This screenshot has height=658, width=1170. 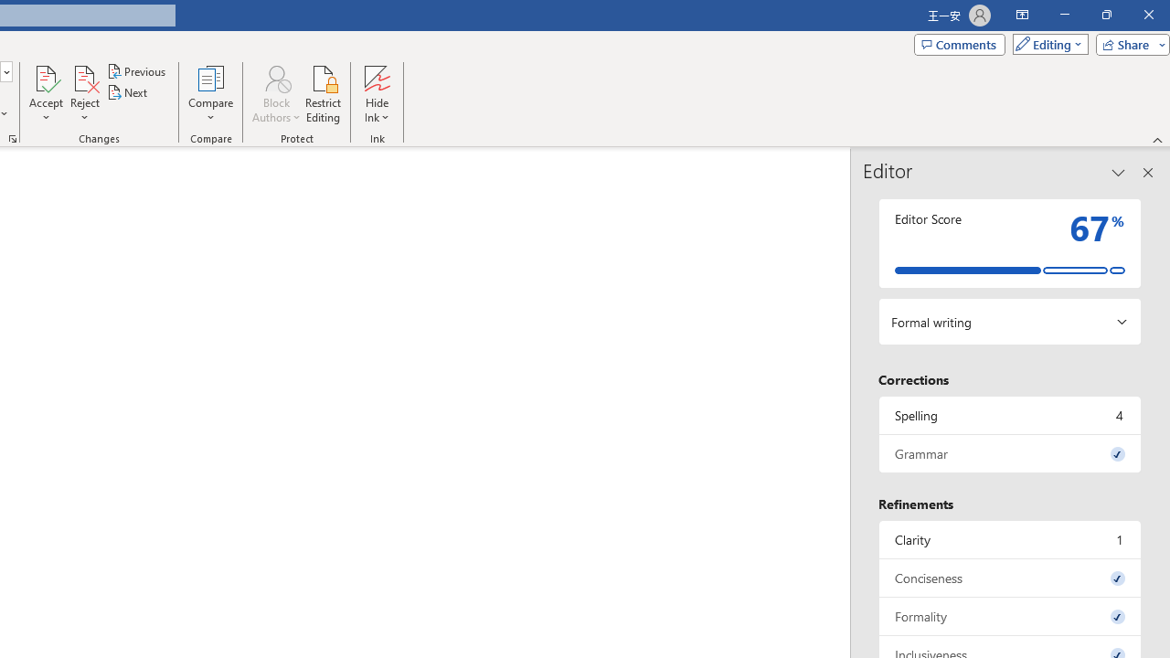 I want to click on 'Ribbon Display Options', so click(x=1021, y=15).